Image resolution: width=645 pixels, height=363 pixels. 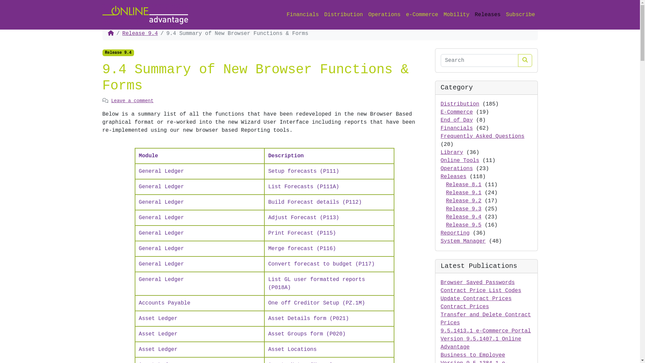 What do you see at coordinates (476, 298) in the screenshot?
I see `'Update Contract Prices'` at bounding box center [476, 298].